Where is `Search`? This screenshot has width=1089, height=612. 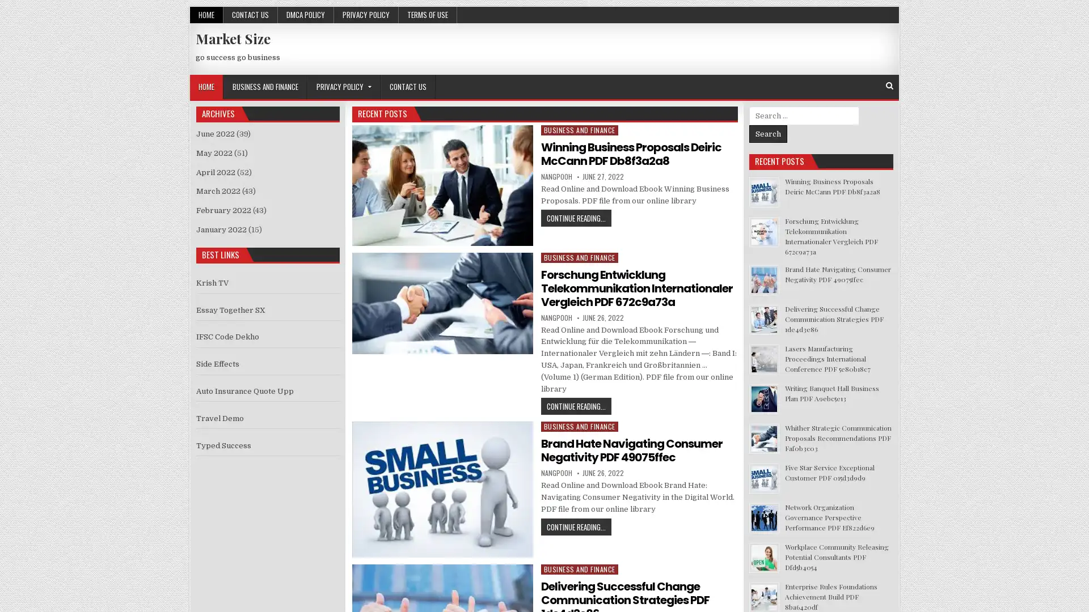
Search is located at coordinates (768, 133).